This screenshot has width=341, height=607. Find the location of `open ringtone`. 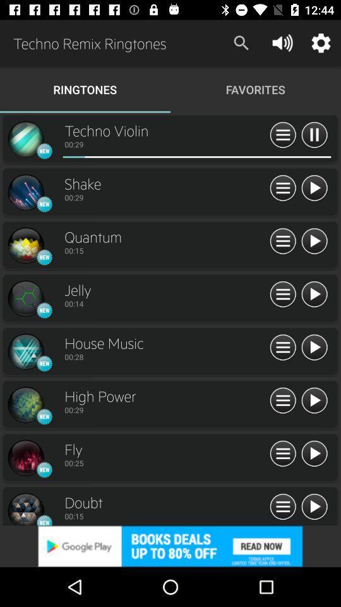

open ringtone is located at coordinates (25, 457).